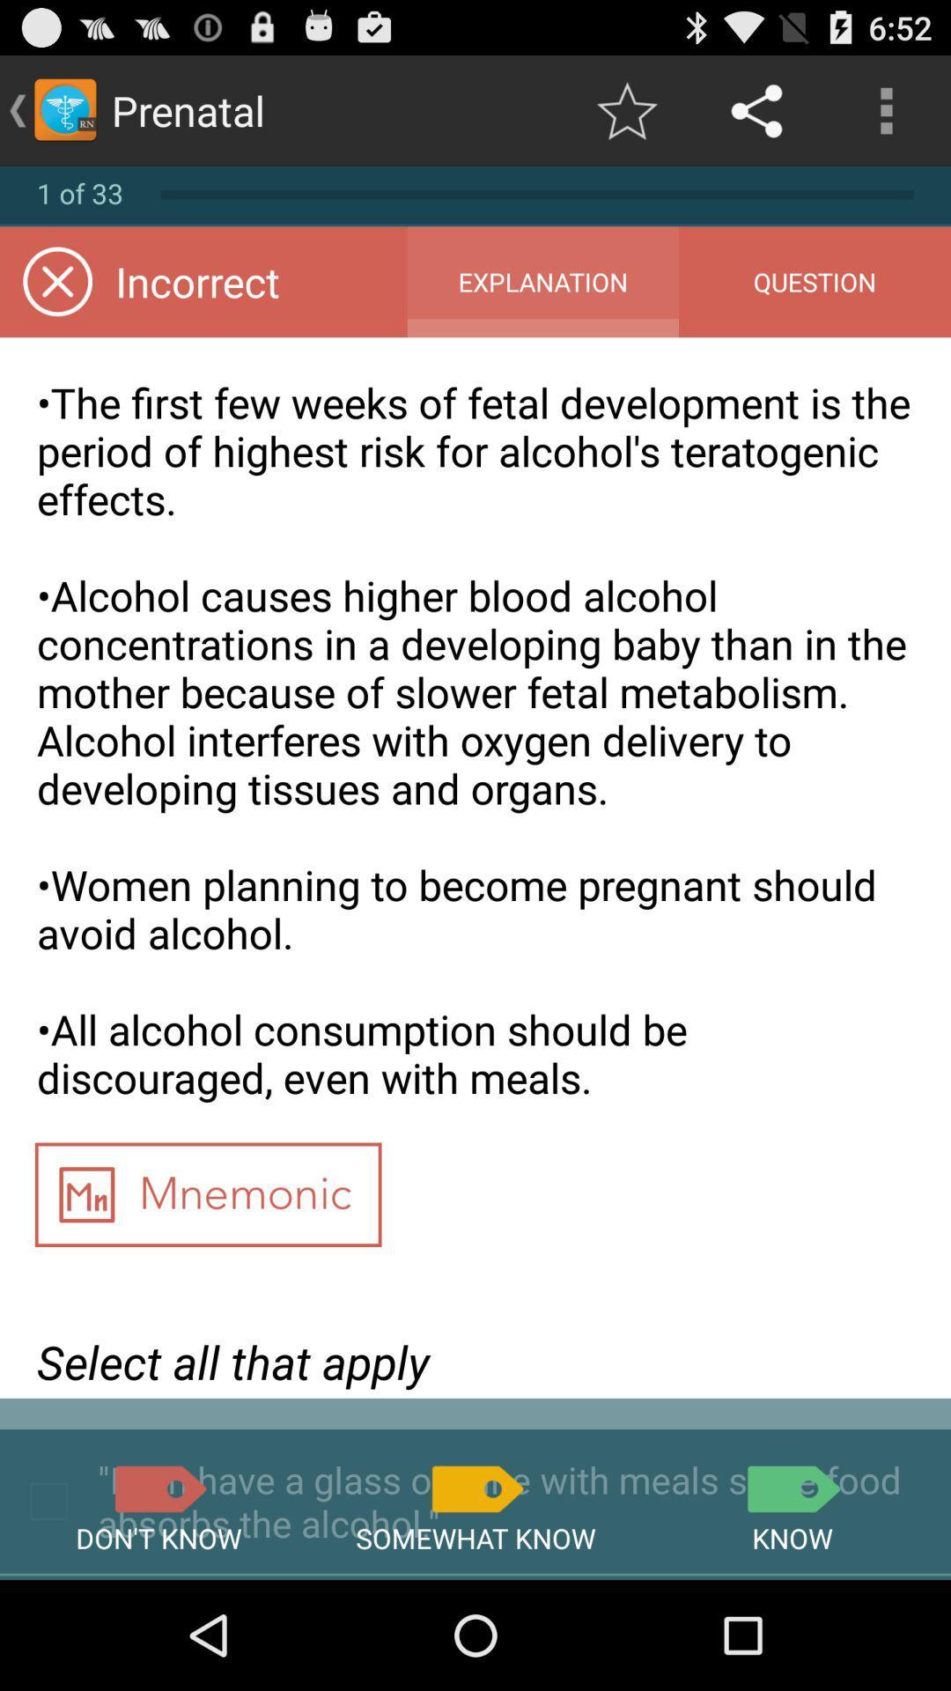  What do you see at coordinates (791, 1488) in the screenshot?
I see `know` at bounding box center [791, 1488].